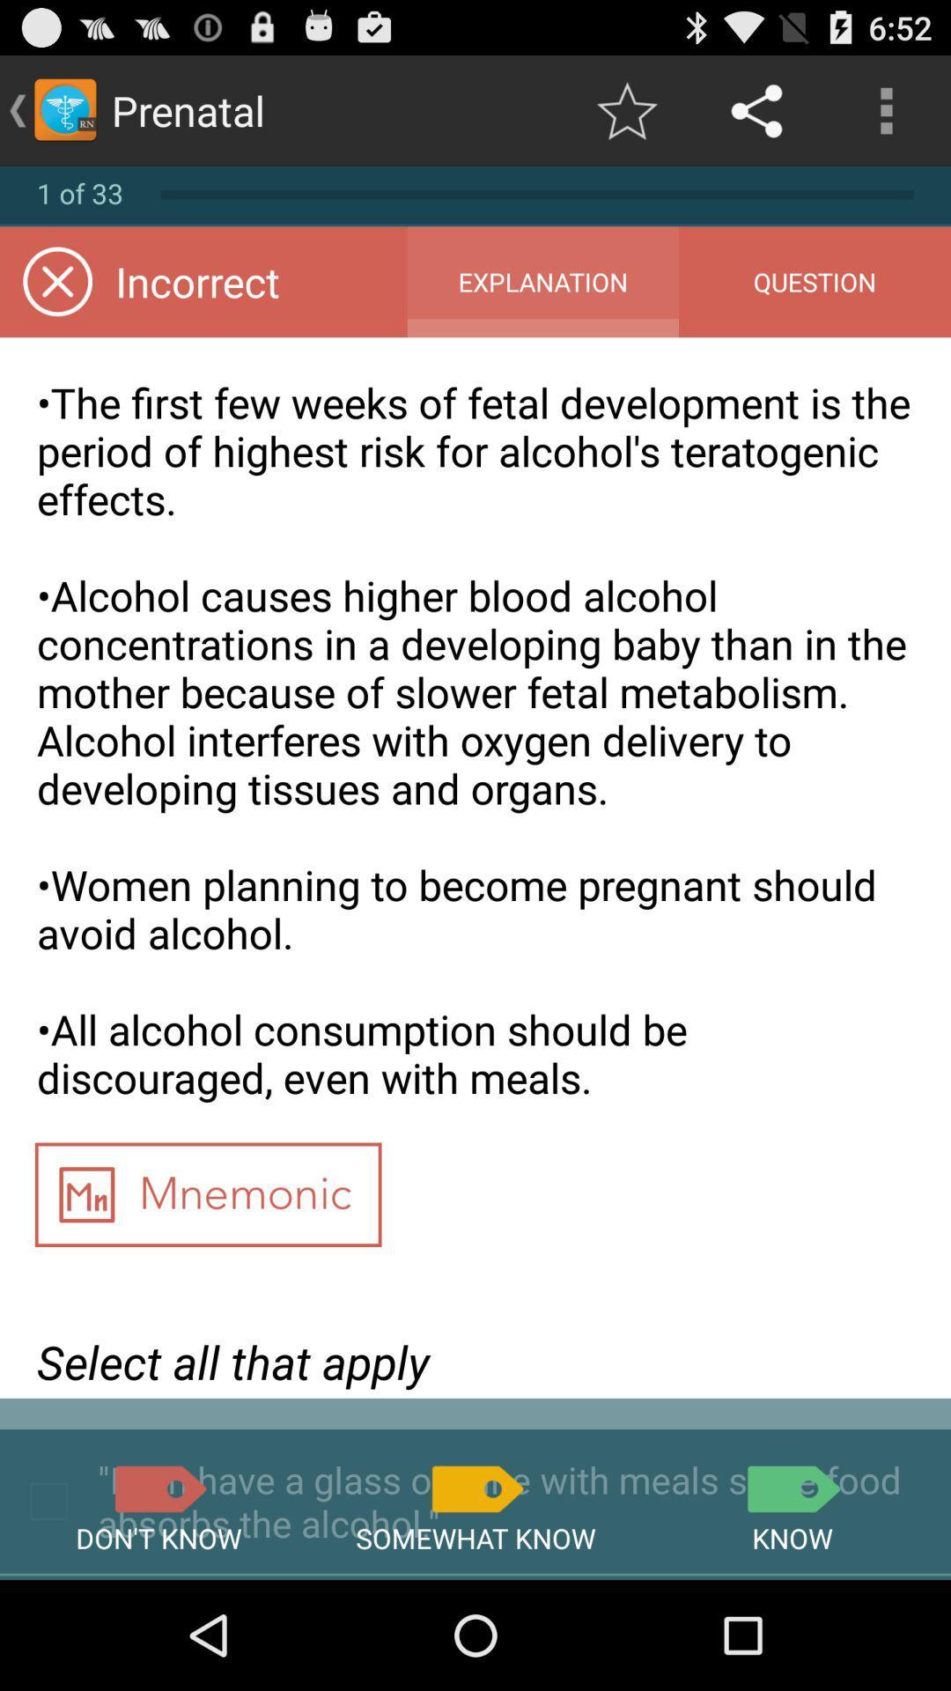  What do you see at coordinates (791, 1488) in the screenshot?
I see `know` at bounding box center [791, 1488].